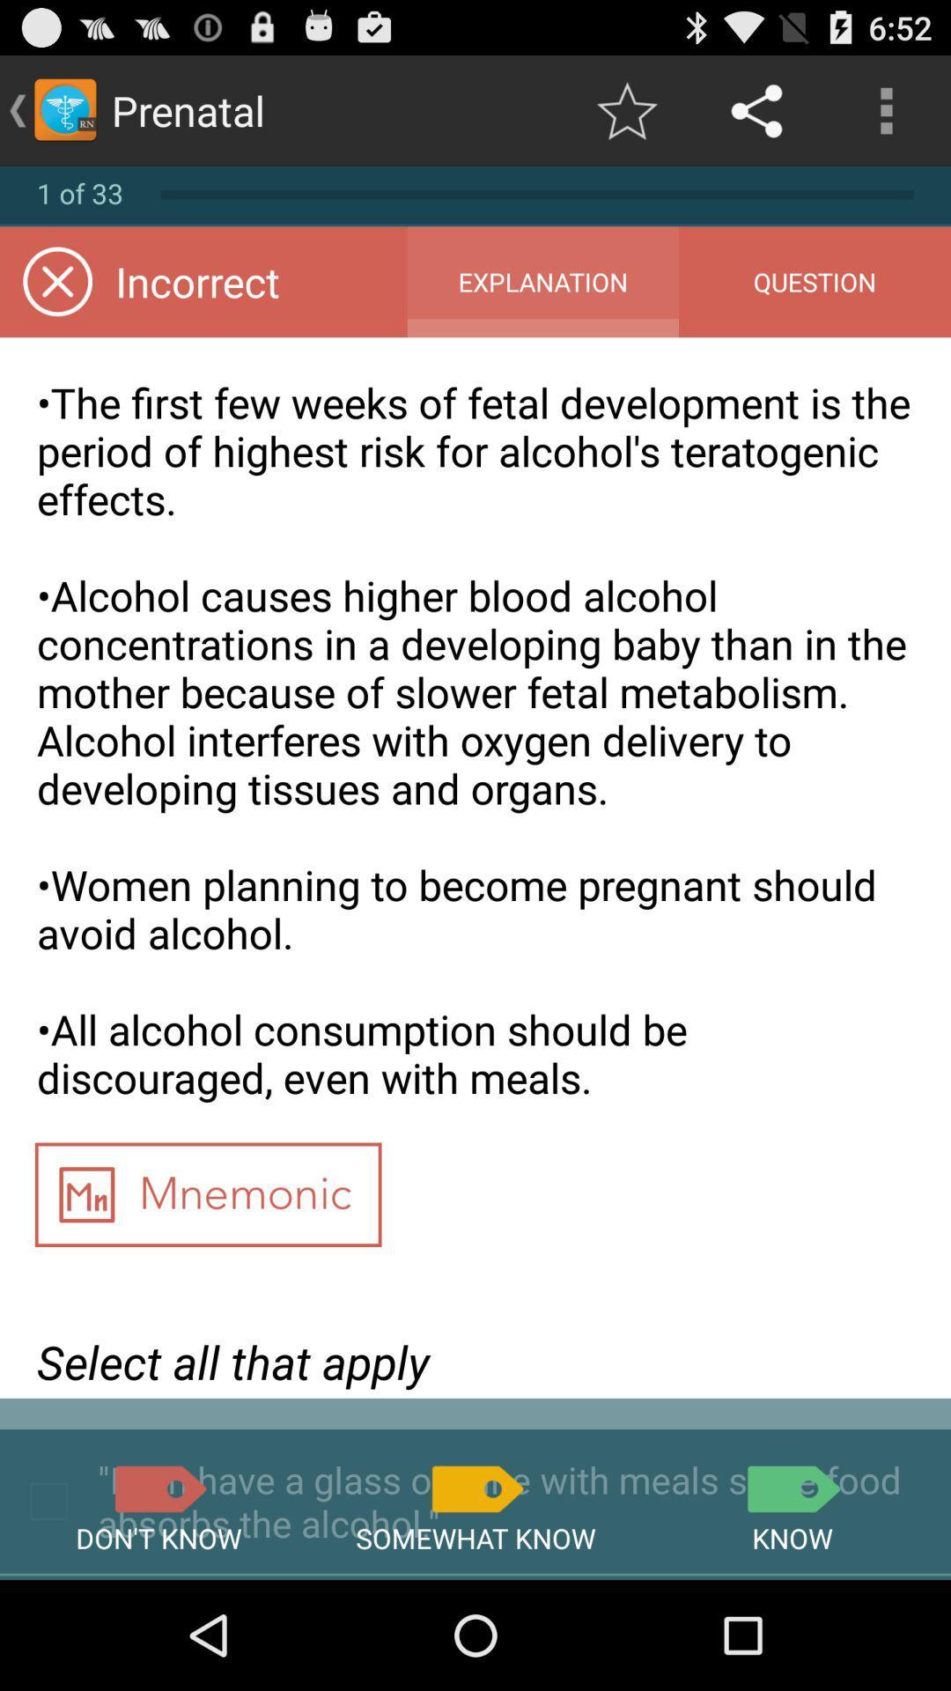  What do you see at coordinates (791, 1488) in the screenshot?
I see `know` at bounding box center [791, 1488].